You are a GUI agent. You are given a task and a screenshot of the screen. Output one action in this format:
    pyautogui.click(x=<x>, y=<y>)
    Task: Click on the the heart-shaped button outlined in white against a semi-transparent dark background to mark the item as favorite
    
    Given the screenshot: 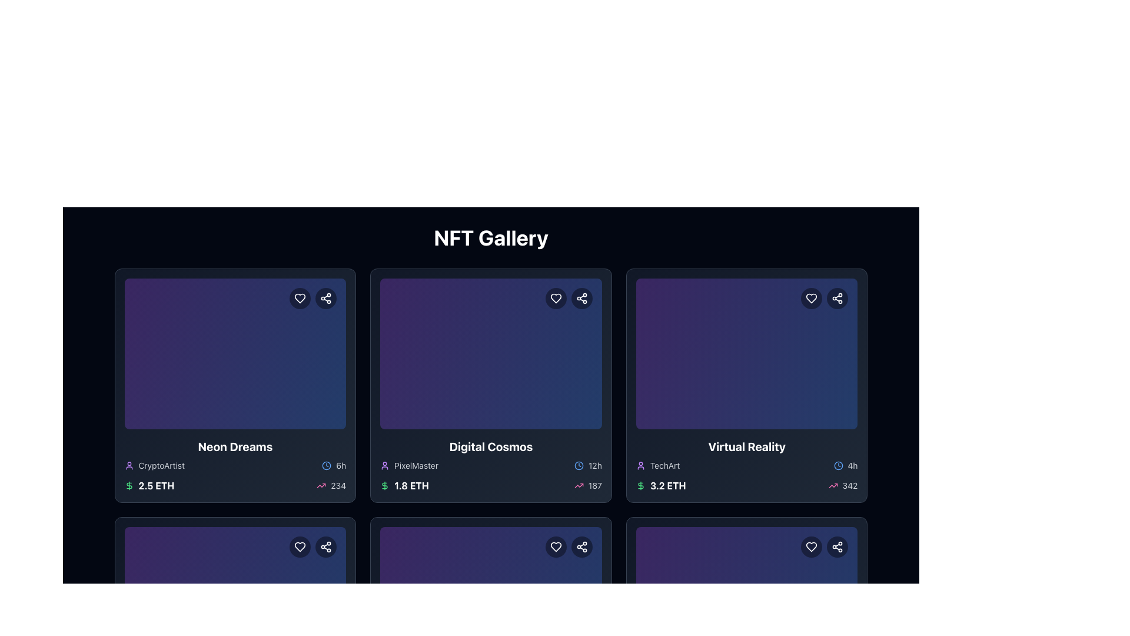 What is the action you would take?
    pyautogui.click(x=555, y=297)
    